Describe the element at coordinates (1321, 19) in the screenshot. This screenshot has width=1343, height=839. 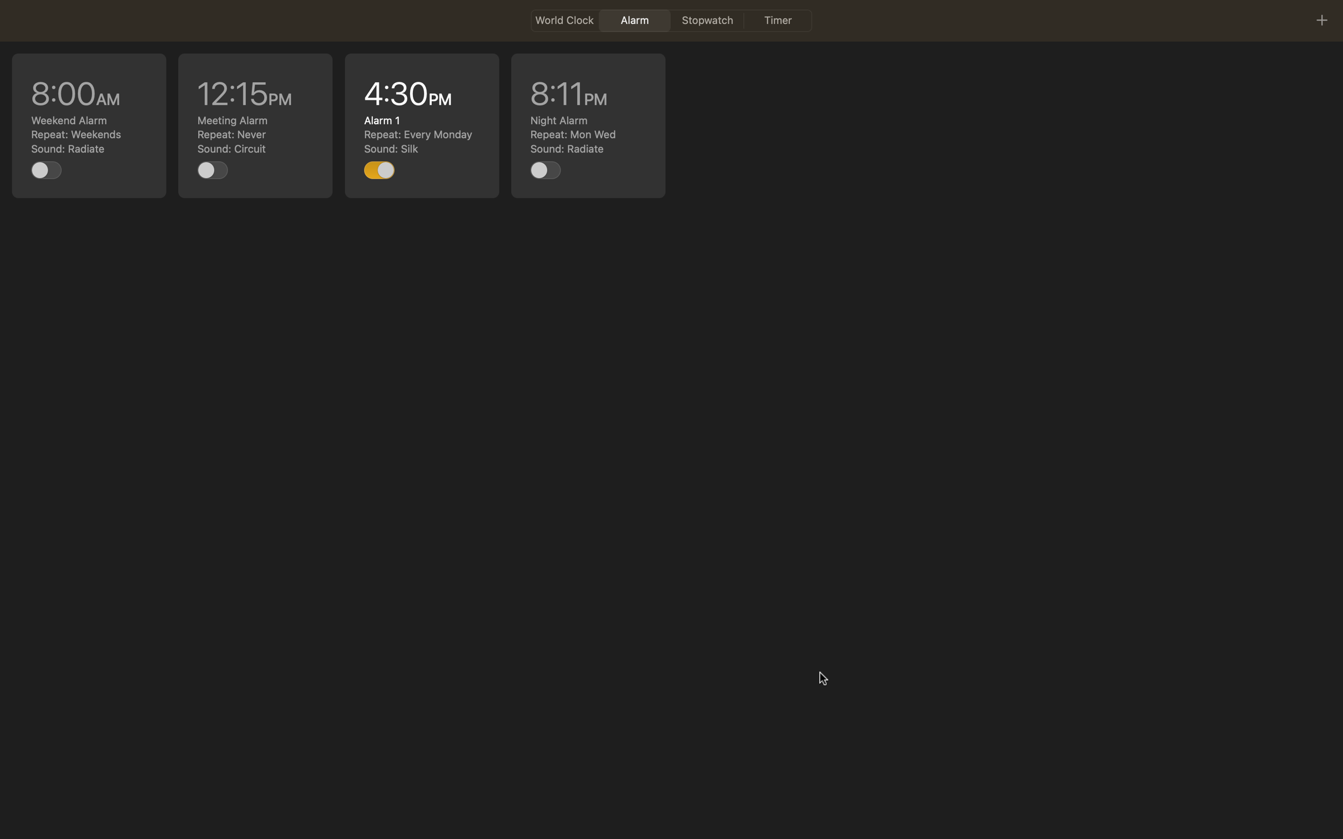
I see `Add new alarm by hitting the plus icon` at that location.